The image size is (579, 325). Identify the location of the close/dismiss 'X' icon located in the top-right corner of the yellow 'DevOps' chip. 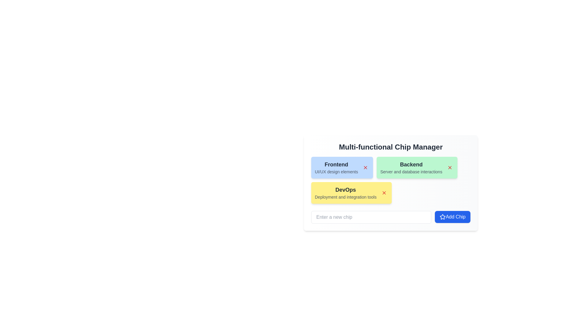
(384, 193).